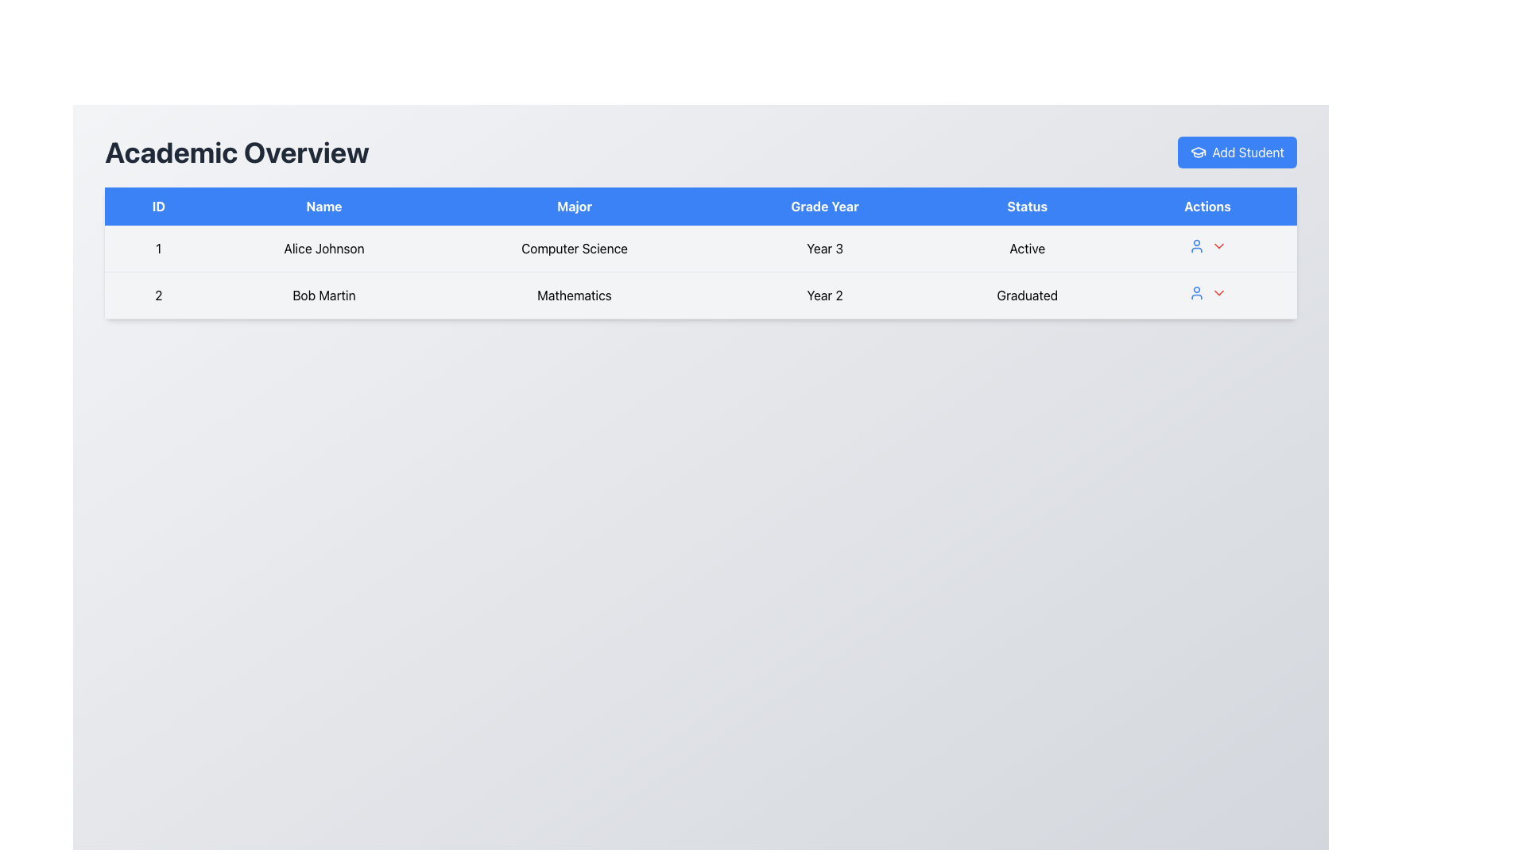 The height and width of the screenshot is (858, 1526). I want to click on the 'Active' TextLabel which is located in the 'Status' column for 'Alice Johnson' in the user information table, displaying black text on a gray background, so click(1027, 249).